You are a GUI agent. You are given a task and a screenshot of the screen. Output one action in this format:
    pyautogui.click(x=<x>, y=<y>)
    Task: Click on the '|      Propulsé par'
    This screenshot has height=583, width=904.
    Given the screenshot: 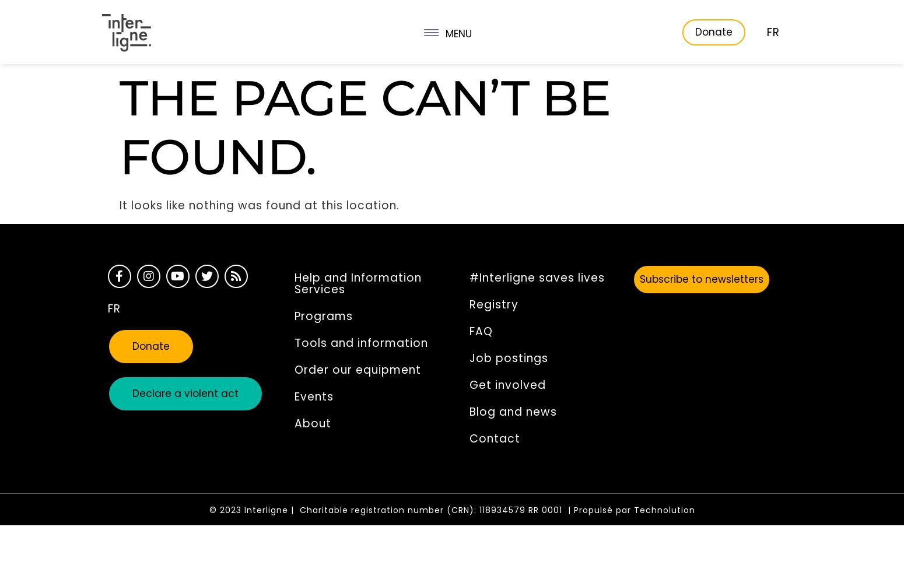 What is the action you would take?
    pyautogui.click(x=600, y=510)
    